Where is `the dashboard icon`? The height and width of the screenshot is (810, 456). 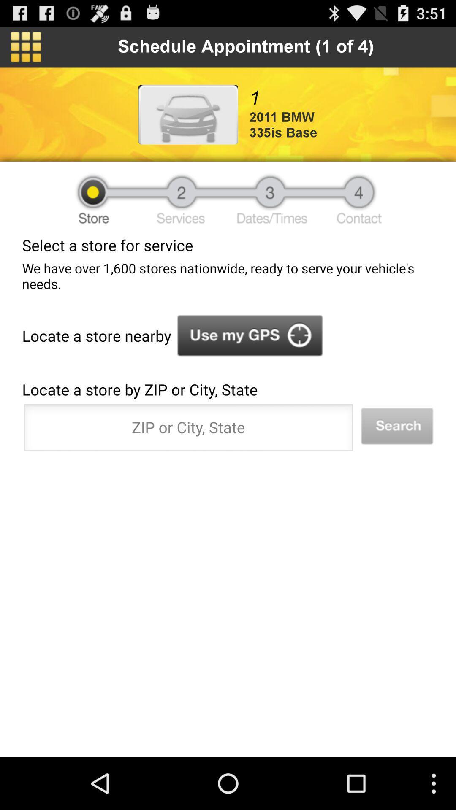
the dashboard icon is located at coordinates (25, 50).